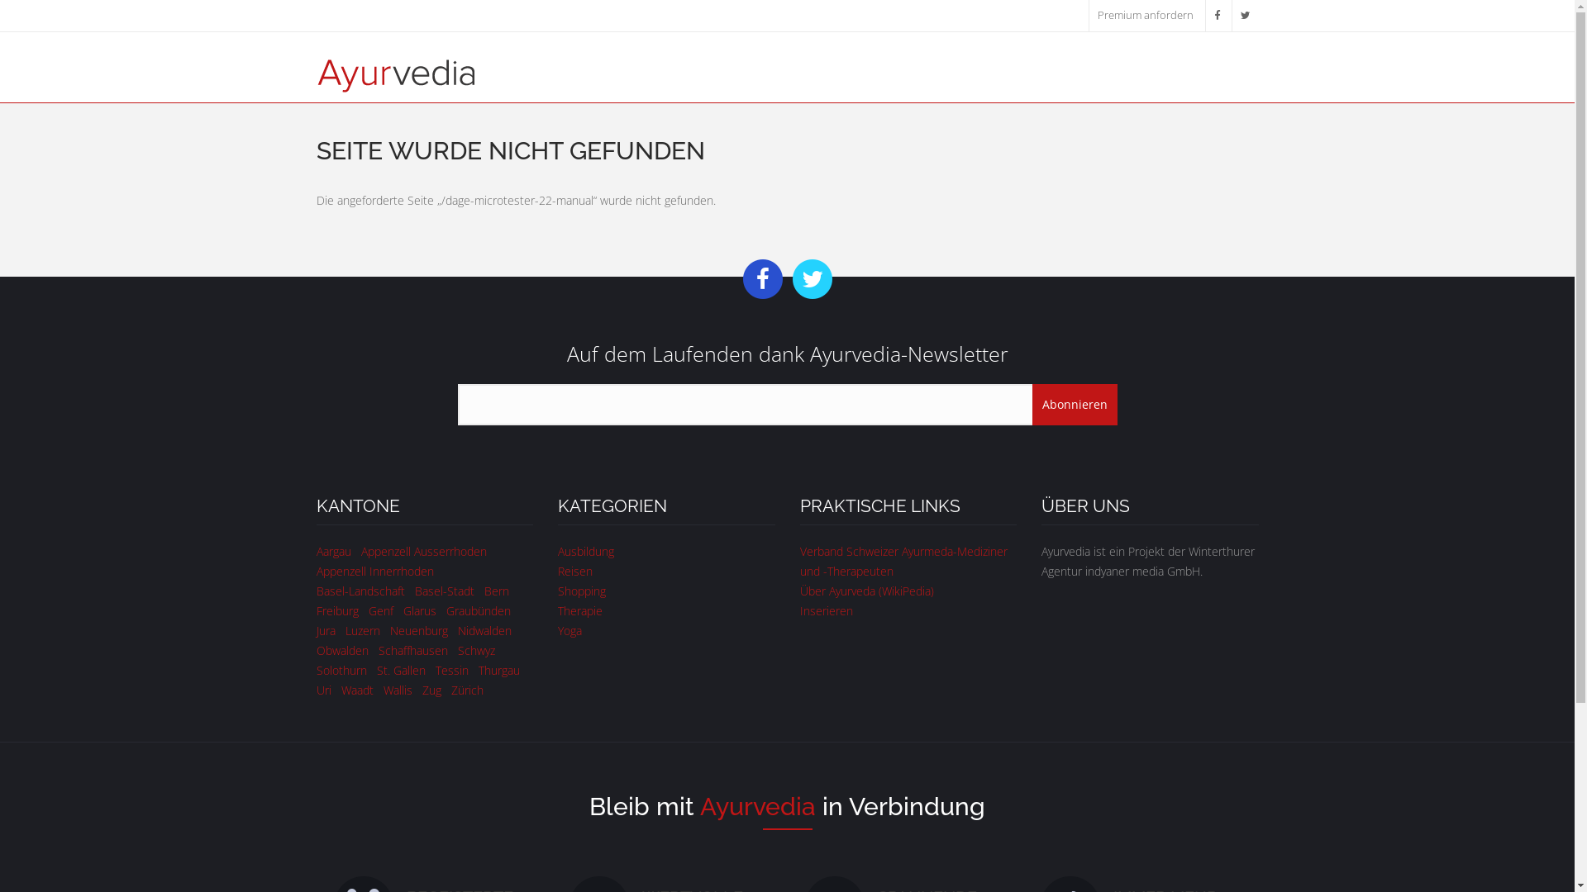  Describe the element at coordinates (476, 670) in the screenshot. I see `'Thurgau'` at that location.